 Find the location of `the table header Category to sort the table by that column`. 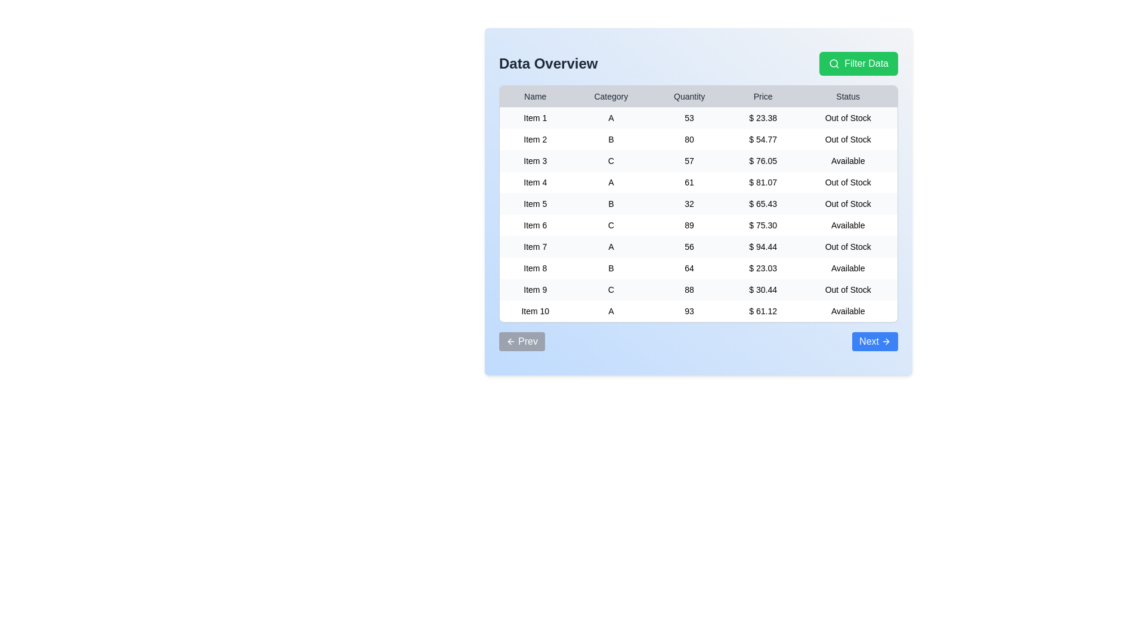

the table header Category to sort the table by that column is located at coordinates (611, 96).